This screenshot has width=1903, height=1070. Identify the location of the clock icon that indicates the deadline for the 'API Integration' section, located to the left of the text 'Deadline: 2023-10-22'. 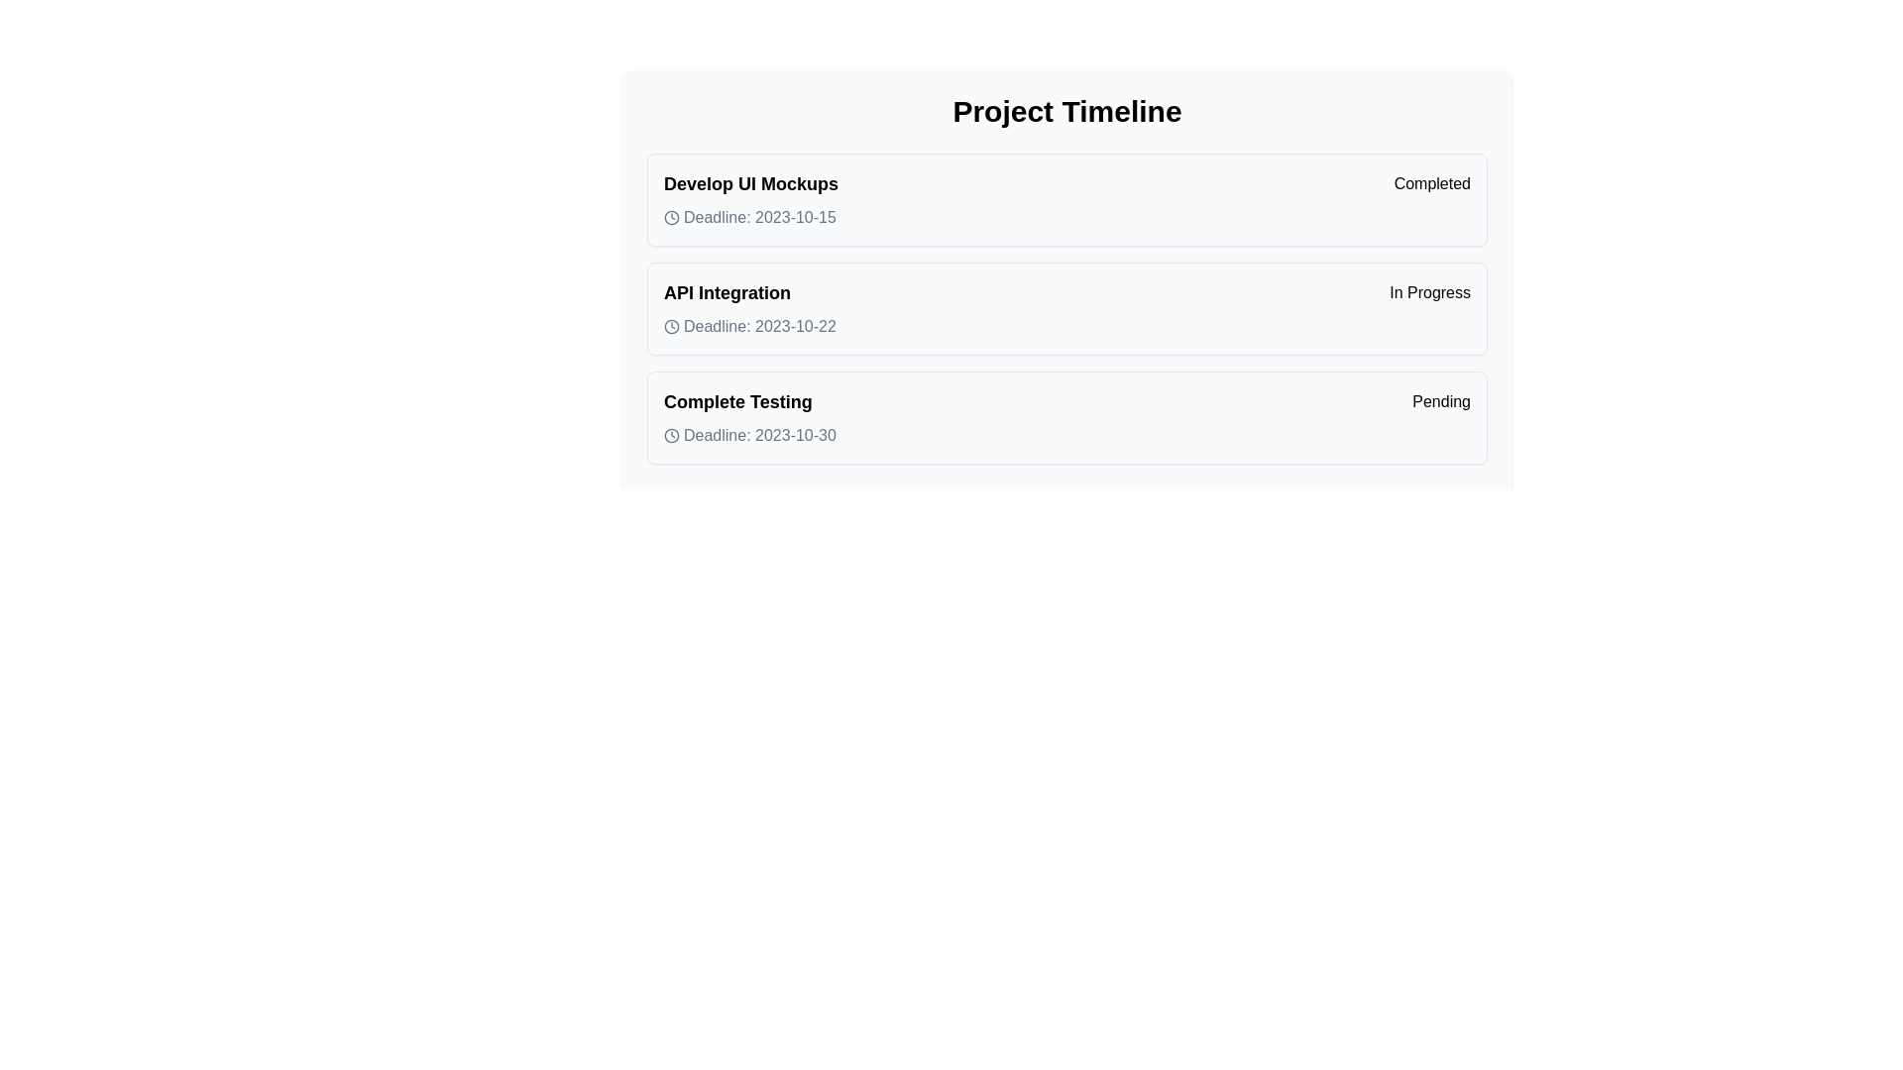
(671, 326).